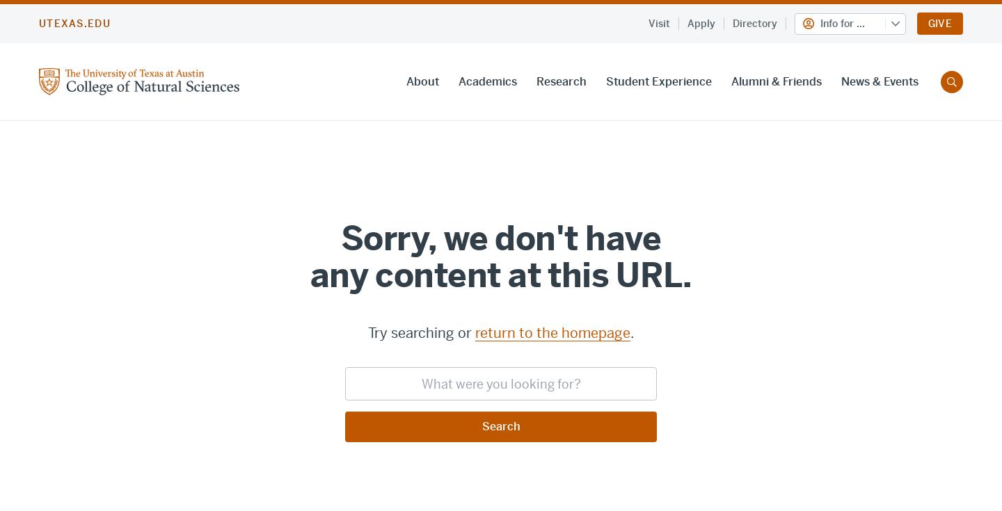  What do you see at coordinates (731, 81) in the screenshot?
I see `'Alumni & Friends'` at bounding box center [731, 81].